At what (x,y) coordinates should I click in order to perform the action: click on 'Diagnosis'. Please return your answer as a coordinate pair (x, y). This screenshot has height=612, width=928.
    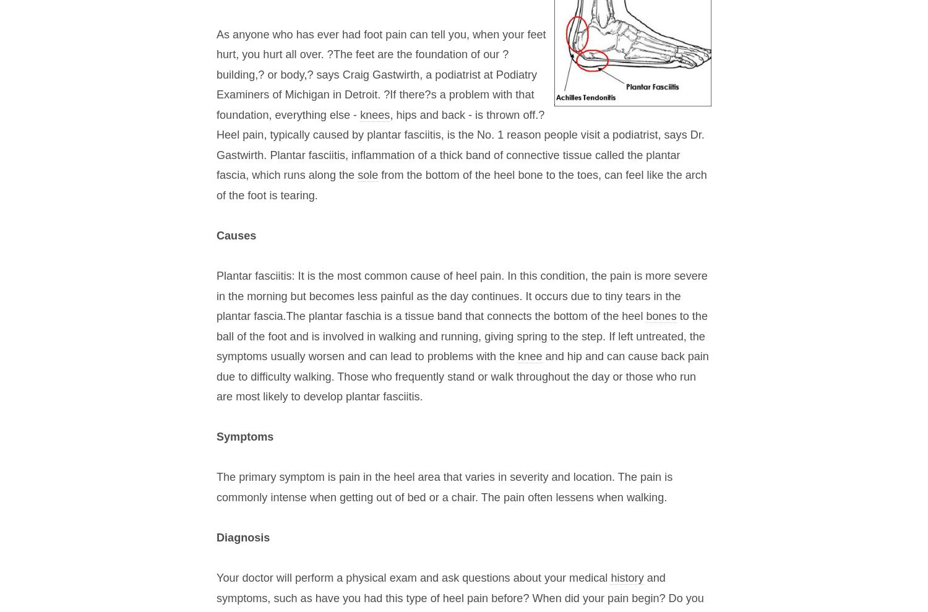
    Looking at the image, I should click on (243, 538).